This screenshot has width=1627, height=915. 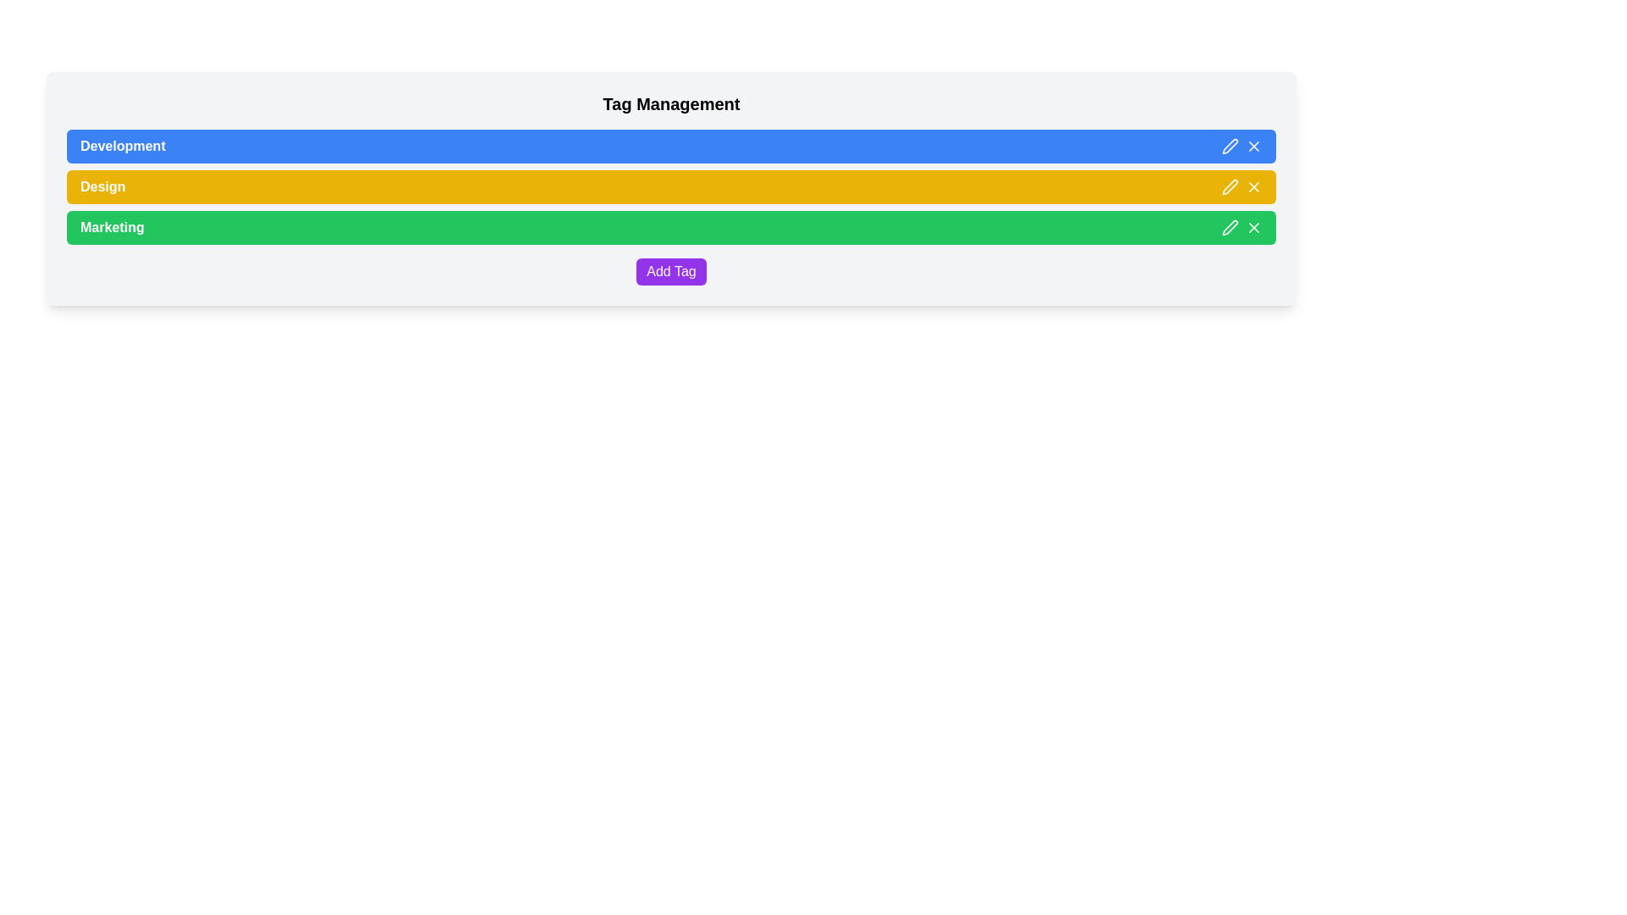 I want to click on text content of the 'Marketing' label located in the green-highlighted row, third from the top in a vertical list, so click(x=111, y=227).